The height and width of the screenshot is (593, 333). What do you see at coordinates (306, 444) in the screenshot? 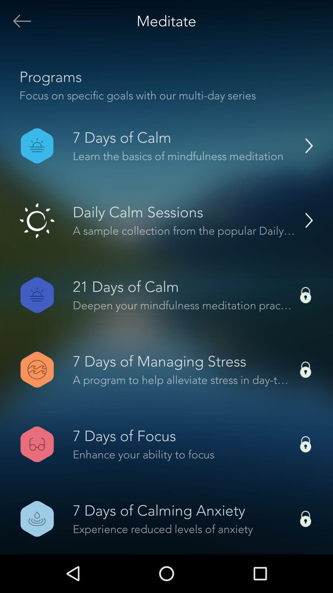
I see `the icon which is next to the 7 days of focus` at bounding box center [306, 444].